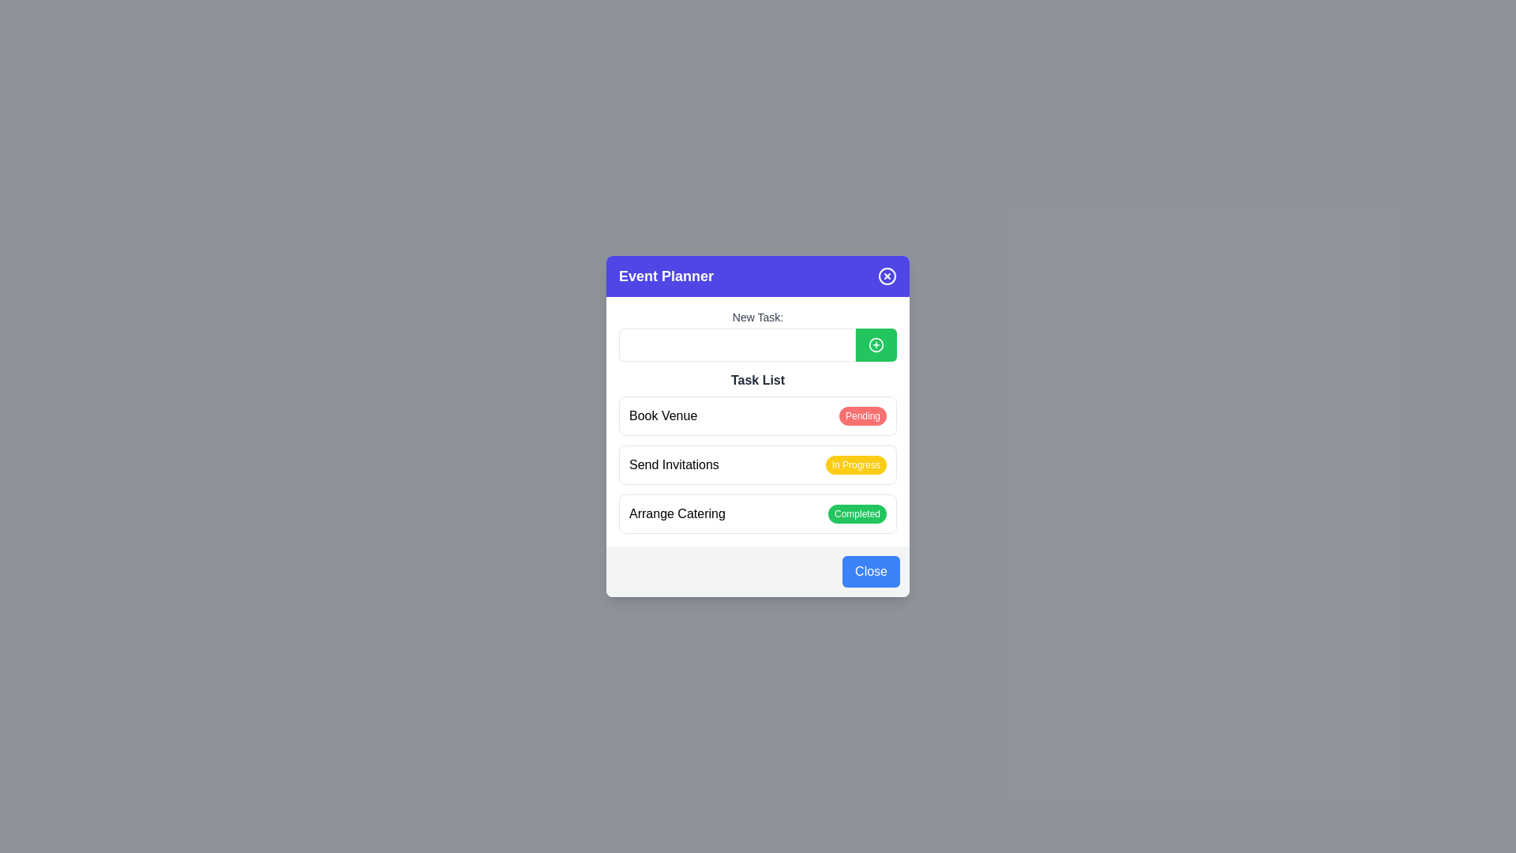  What do you see at coordinates (887, 276) in the screenshot?
I see `the blue circular element located in the top-right corner of the 'Event Planner' modal header, which is part of an 'X' icon` at bounding box center [887, 276].